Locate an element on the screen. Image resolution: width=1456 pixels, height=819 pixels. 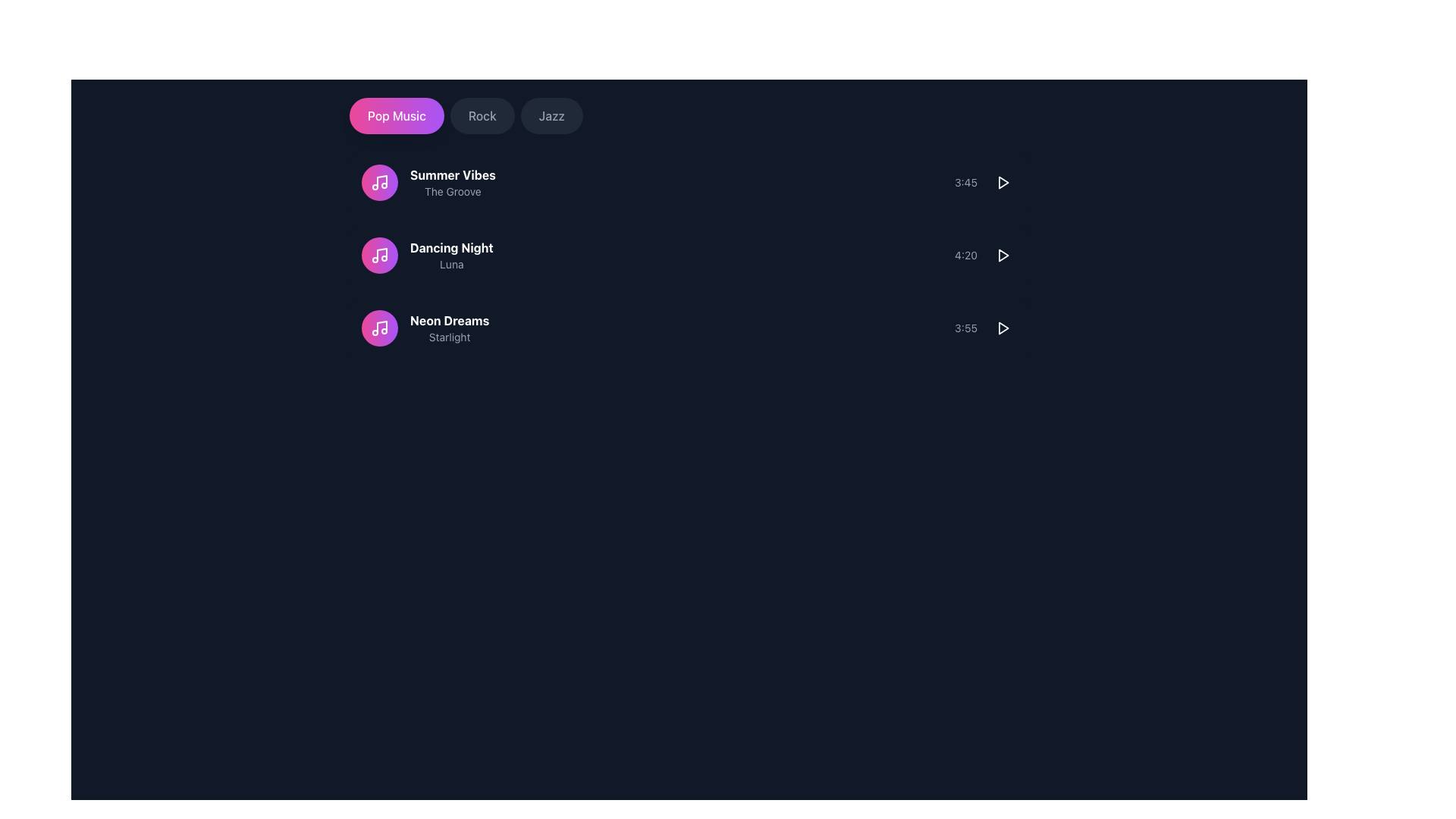
the first item in the vertically arranged list containing the text 'Summer Vibes' and 'The Groove' for reordering is located at coordinates (452, 181).